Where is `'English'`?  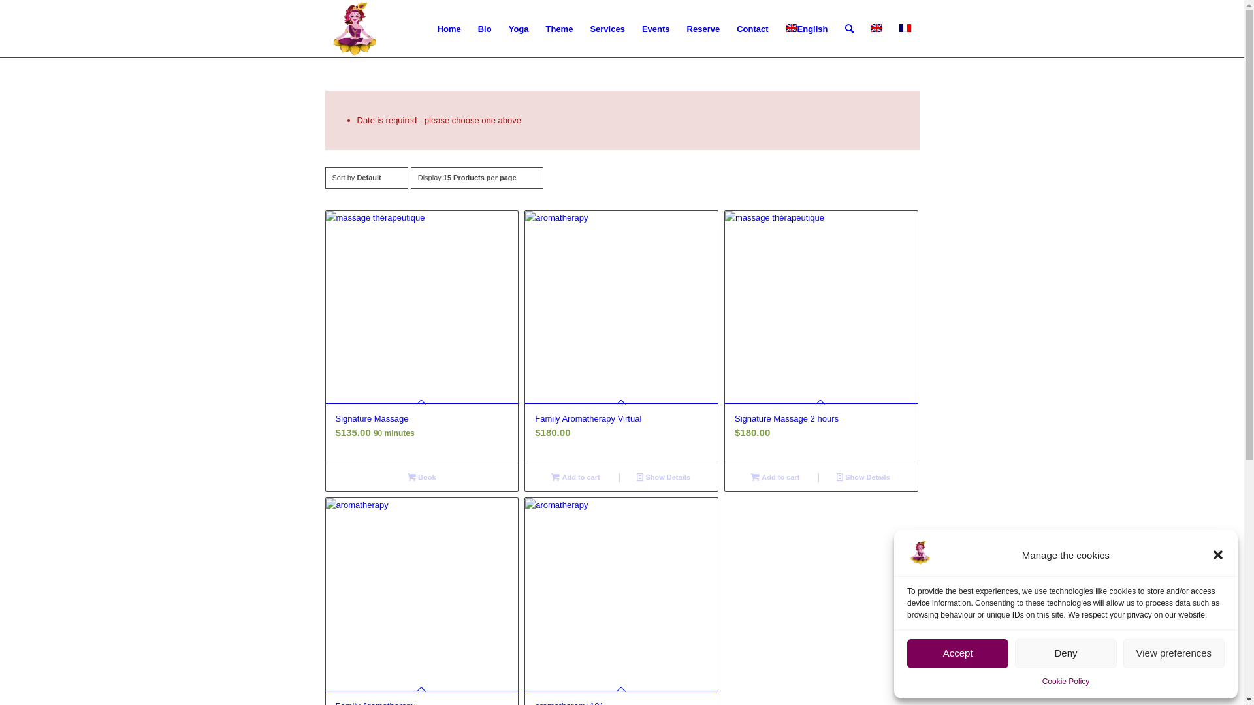 'English' is located at coordinates (806, 29).